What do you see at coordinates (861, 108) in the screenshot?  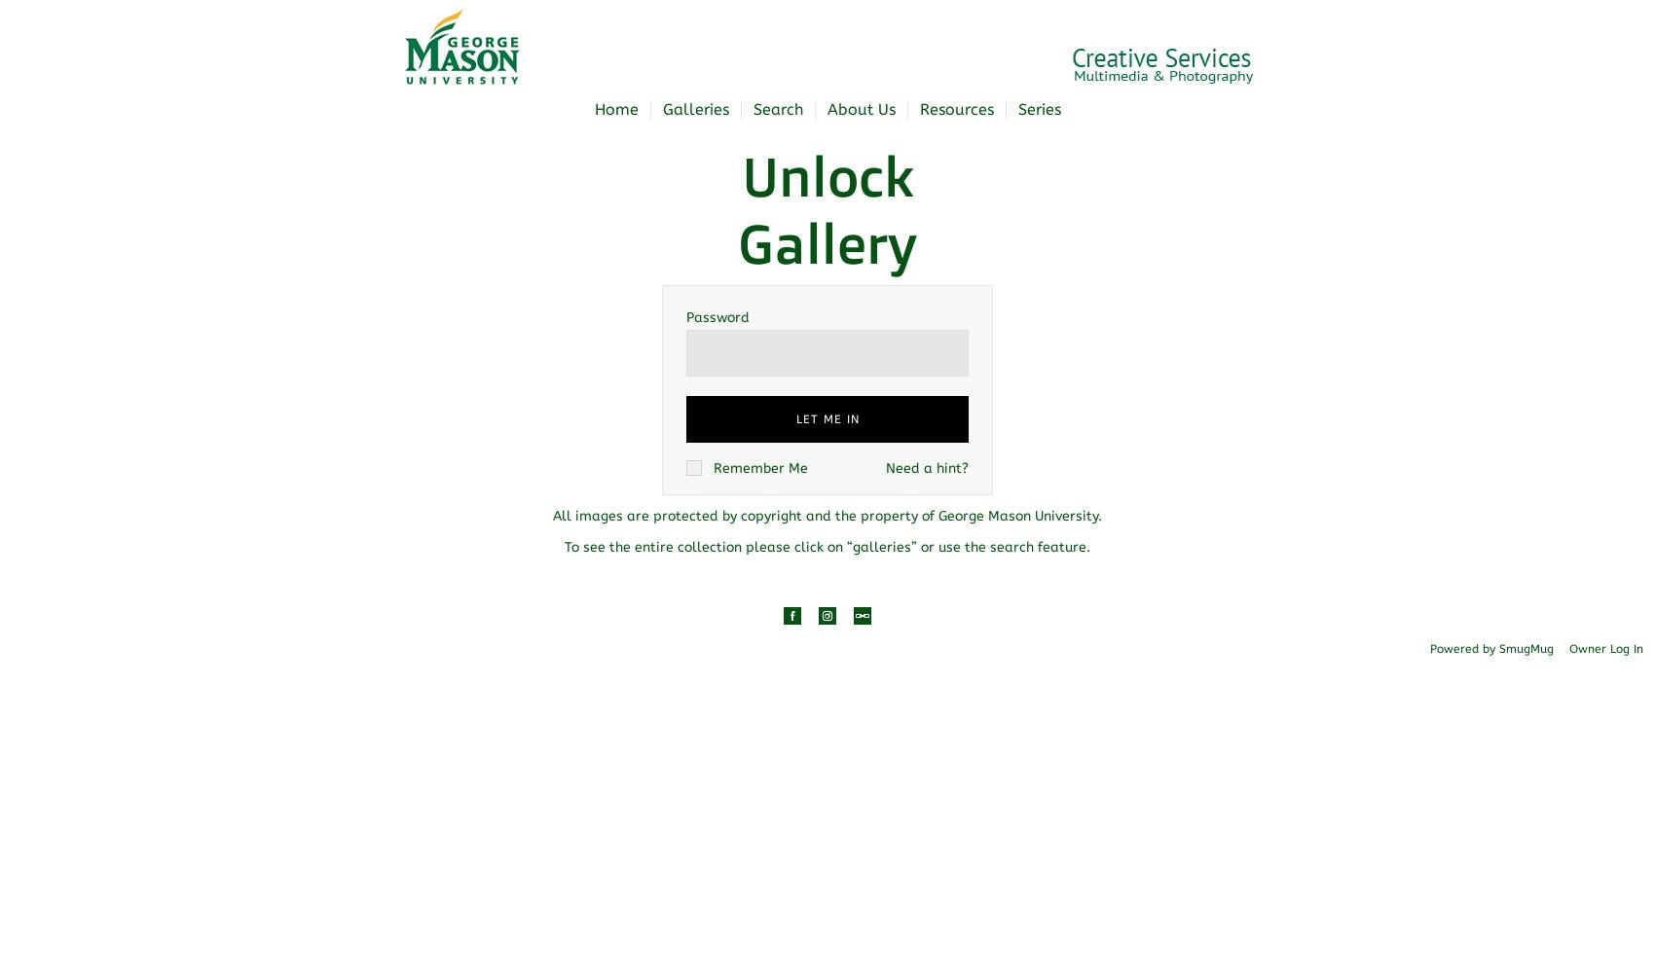 I see `'About Us'` at bounding box center [861, 108].